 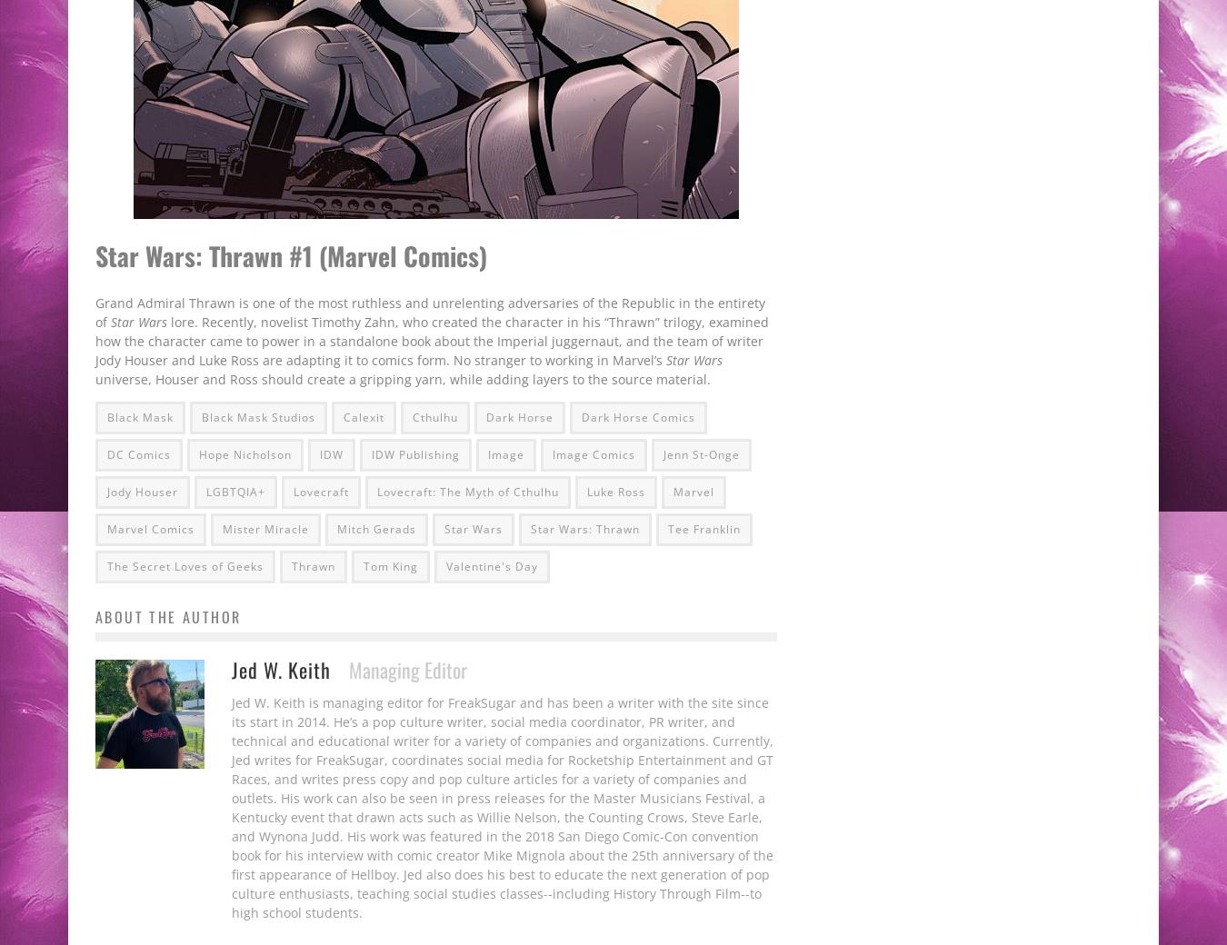 I want to click on 'IDW Publishing', so click(x=414, y=453).